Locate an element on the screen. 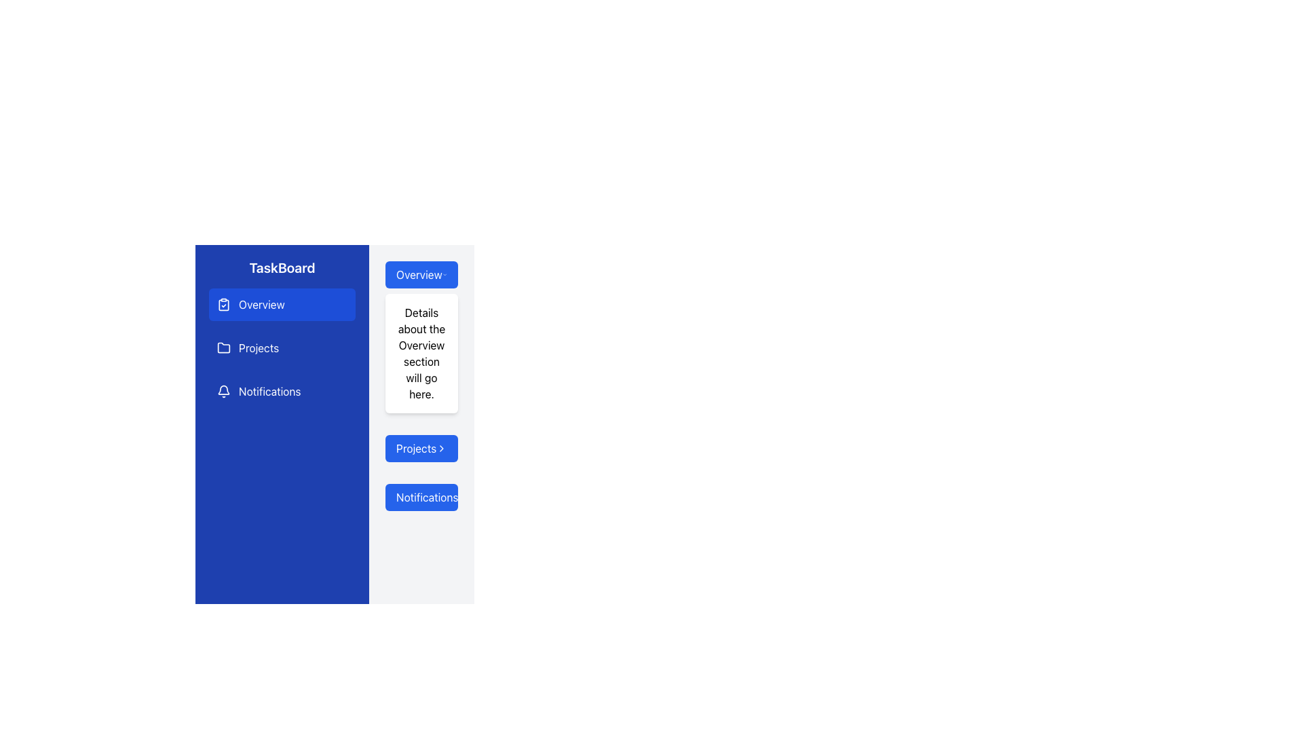 Image resolution: width=1303 pixels, height=733 pixels. the Notifications icon, which visually represents the Notifications feature and is positioned to the left of the text 'Notifications' in the menu options is located at coordinates (224, 392).